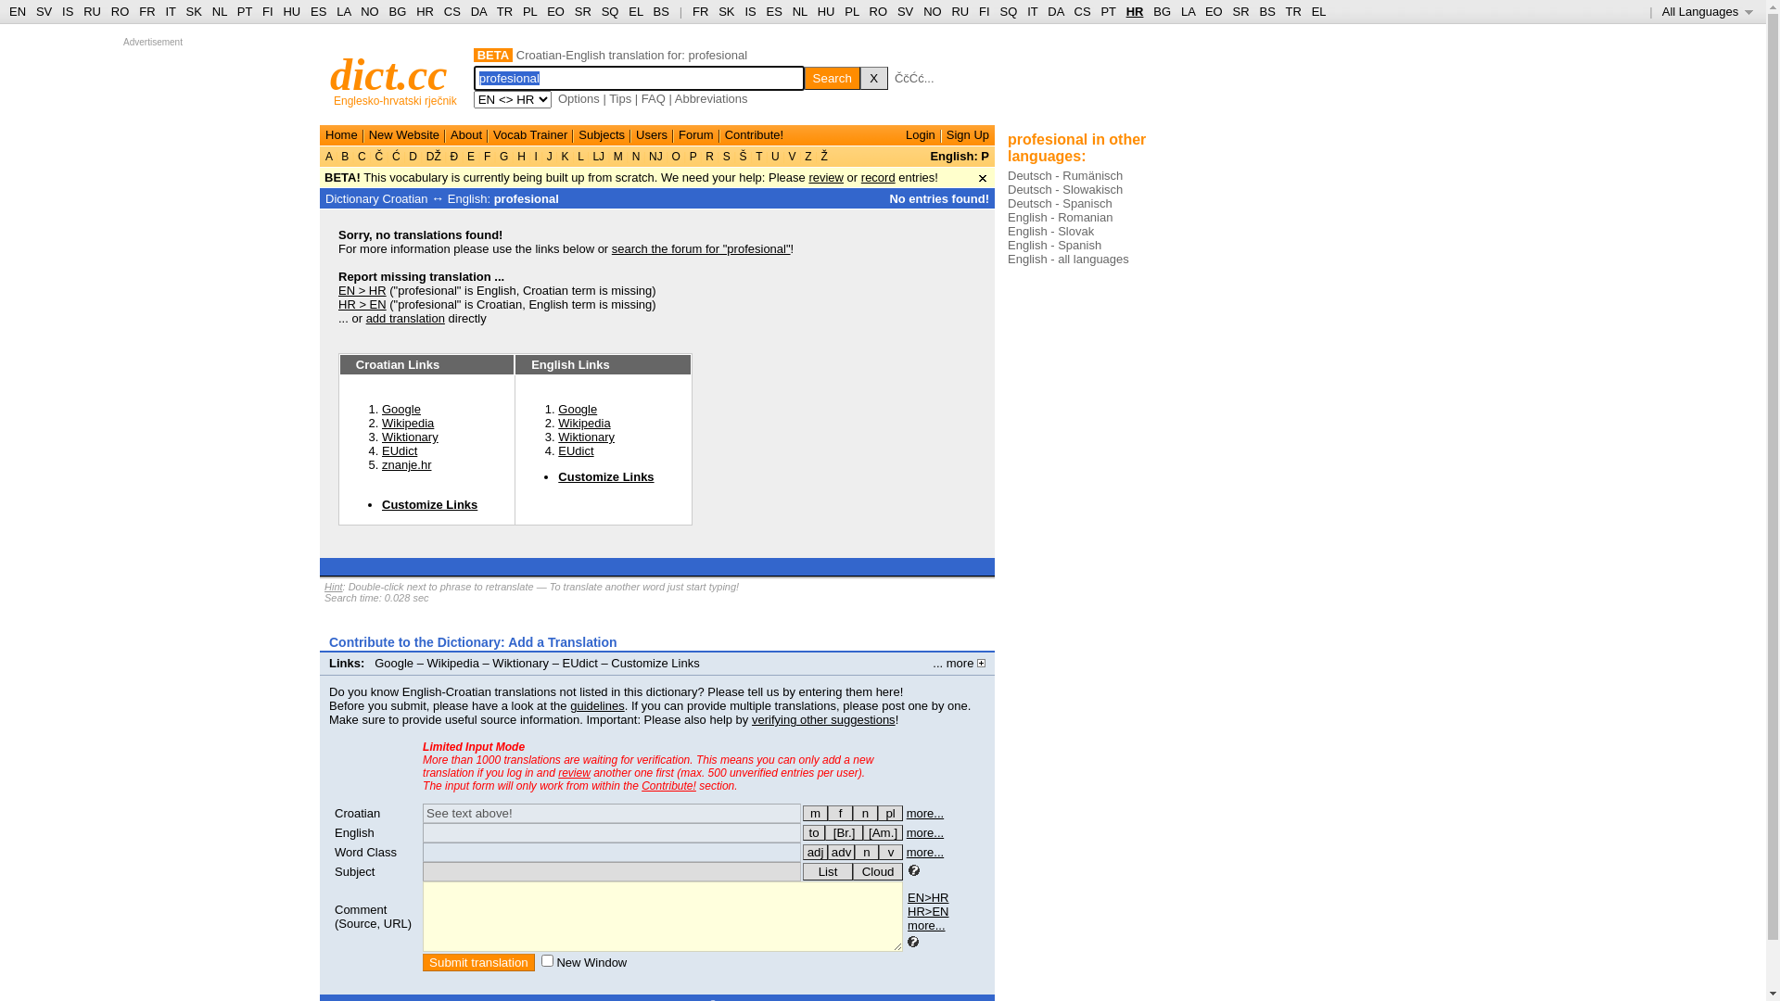 This screenshot has width=1780, height=1001. What do you see at coordinates (862, 831) in the screenshot?
I see `'(esp.) American English'` at bounding box center [862, 831].